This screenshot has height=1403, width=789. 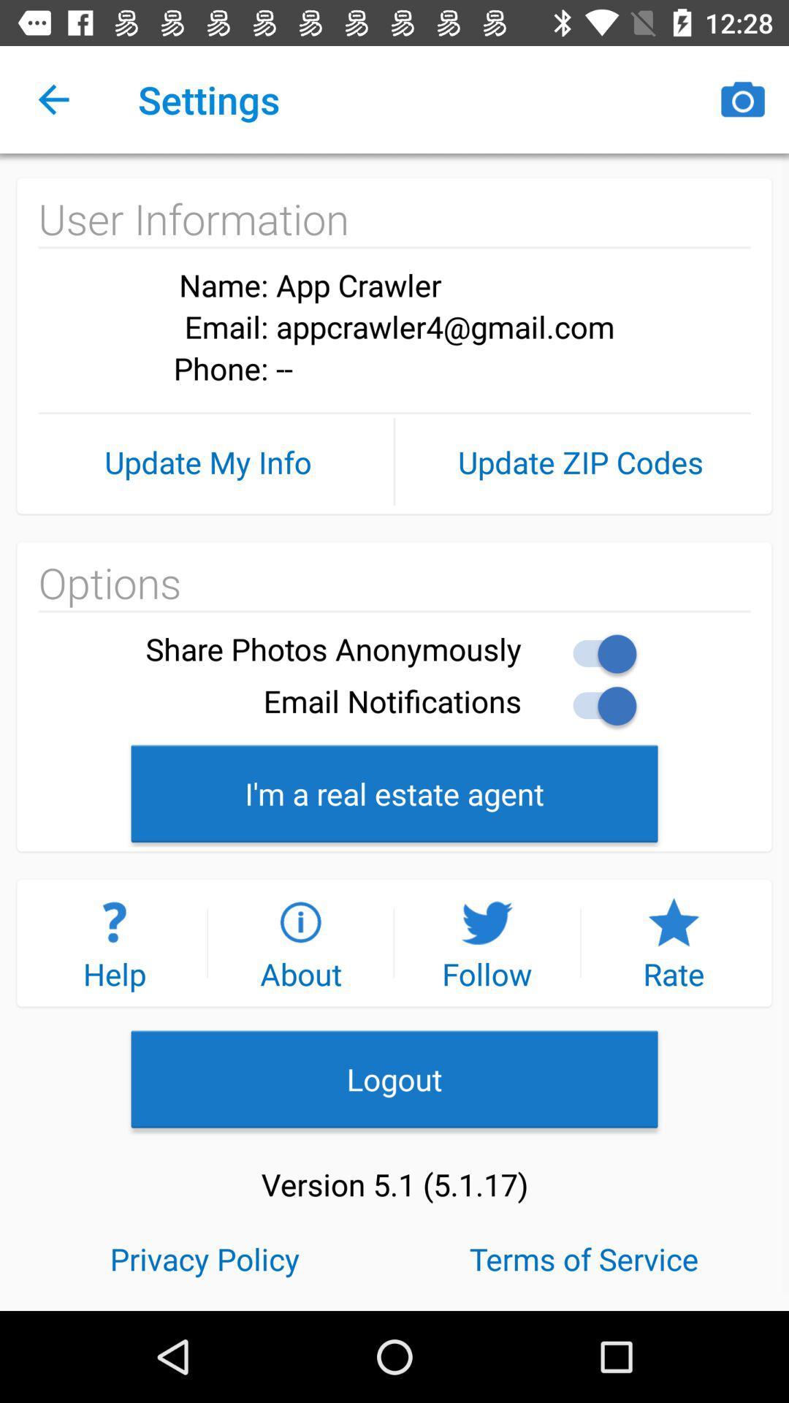 I want to click on the logout item, so click(x=394, y=1079).